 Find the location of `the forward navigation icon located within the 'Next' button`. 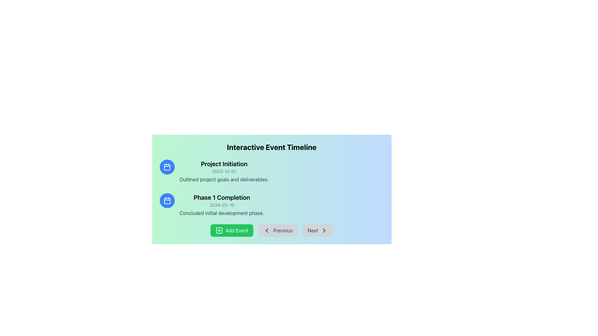

the forward navigation icon located within the 'Next' button is located at coordinates (324, 230).